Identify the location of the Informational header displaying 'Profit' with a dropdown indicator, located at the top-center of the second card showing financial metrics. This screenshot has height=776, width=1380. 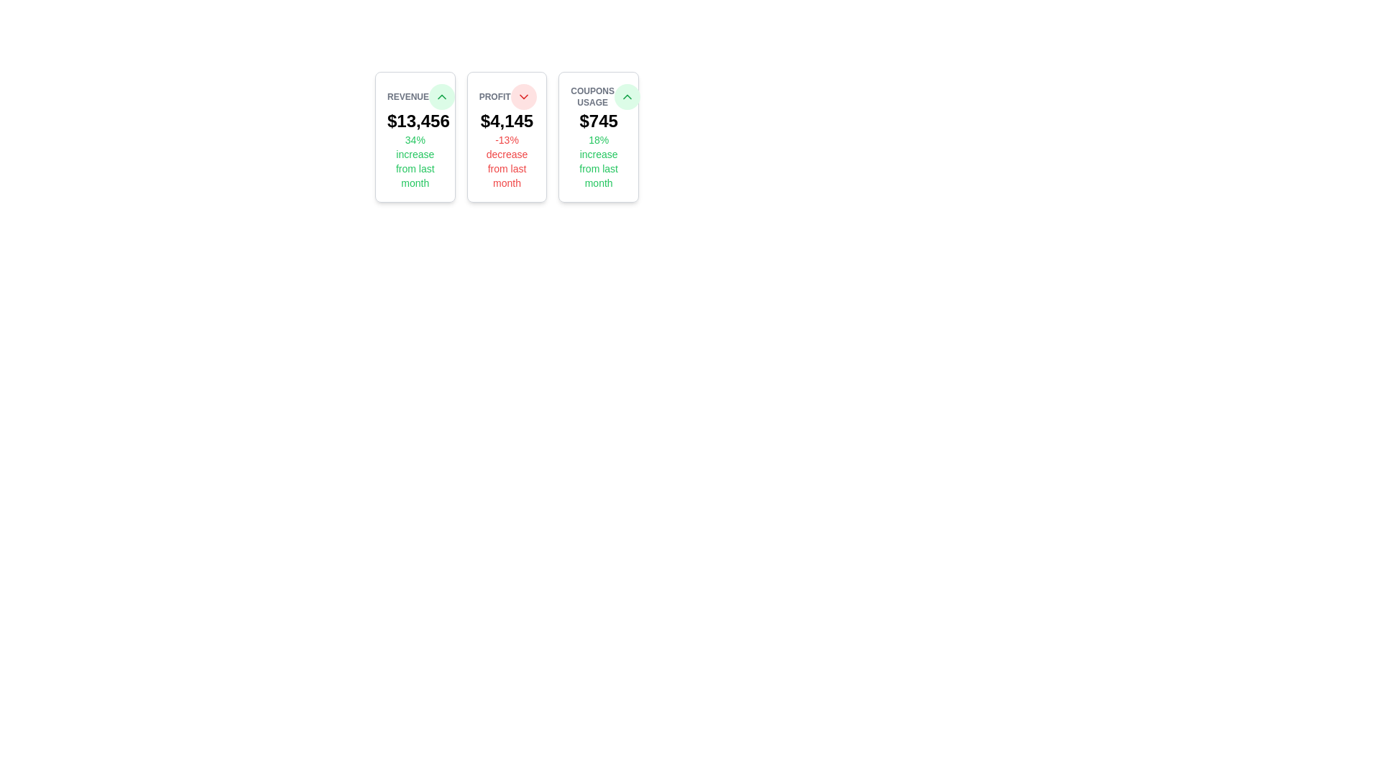
(507, 97).